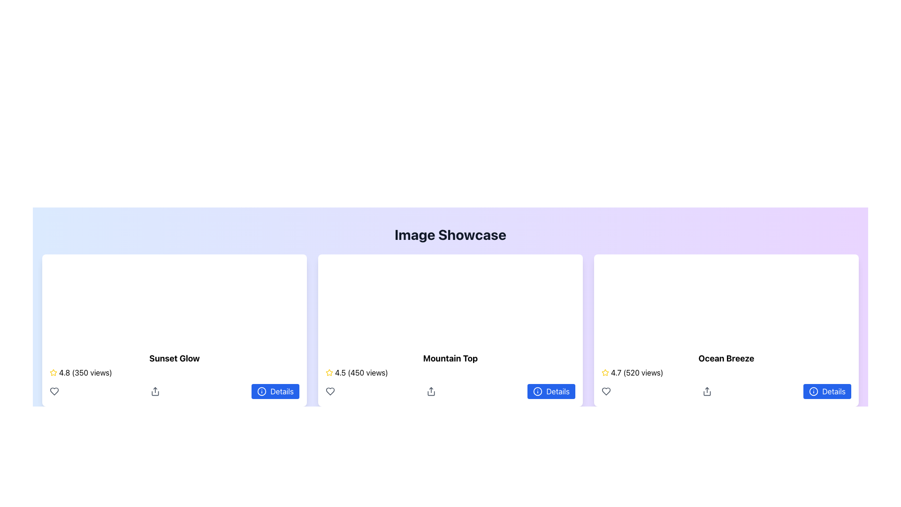 This screenshot has width=901, height=507. I want to click on the SVG graphical element that is part of the 'Details' button located at the bottom-right corner of the 'Mountain Top' card layout, so click(538, 391).